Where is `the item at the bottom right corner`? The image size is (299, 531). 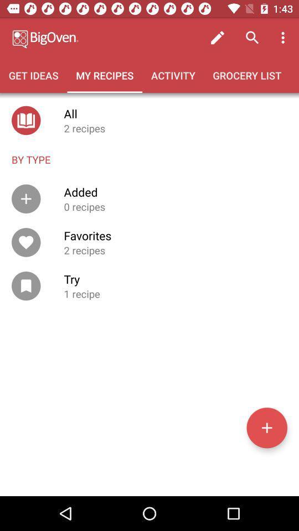 the item at the bottom right corner is located at coordinates (266, 427).